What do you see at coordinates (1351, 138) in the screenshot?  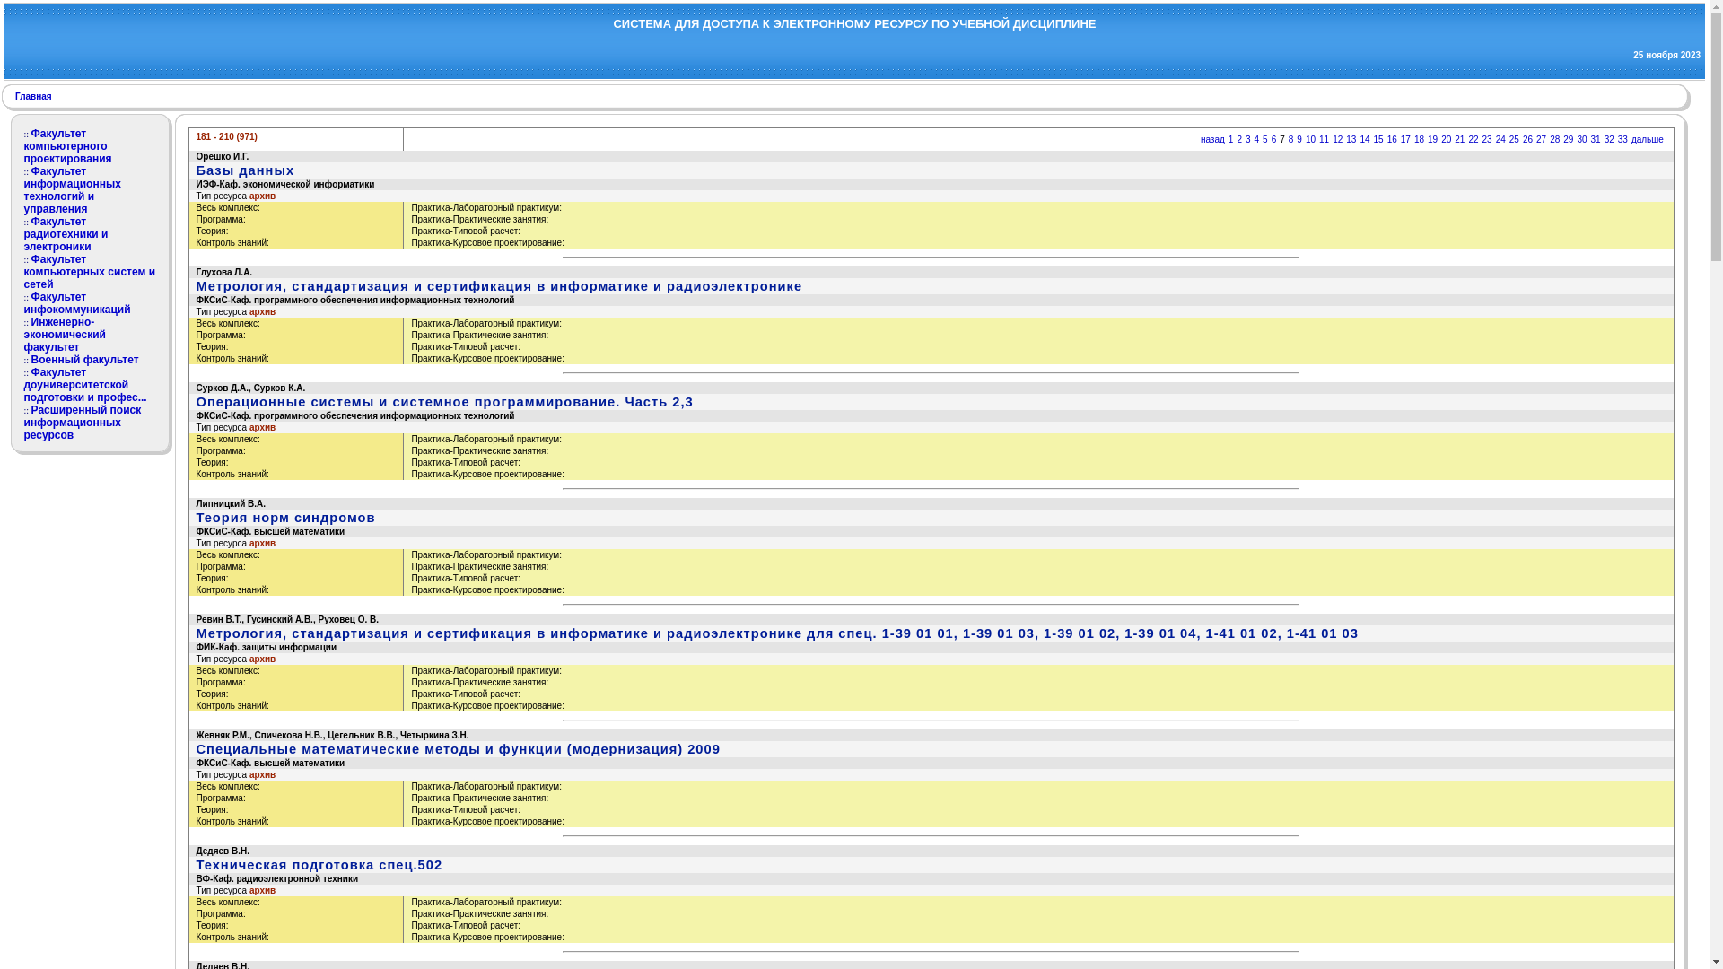 I see `'13'` at bounding box center [1351, 138].